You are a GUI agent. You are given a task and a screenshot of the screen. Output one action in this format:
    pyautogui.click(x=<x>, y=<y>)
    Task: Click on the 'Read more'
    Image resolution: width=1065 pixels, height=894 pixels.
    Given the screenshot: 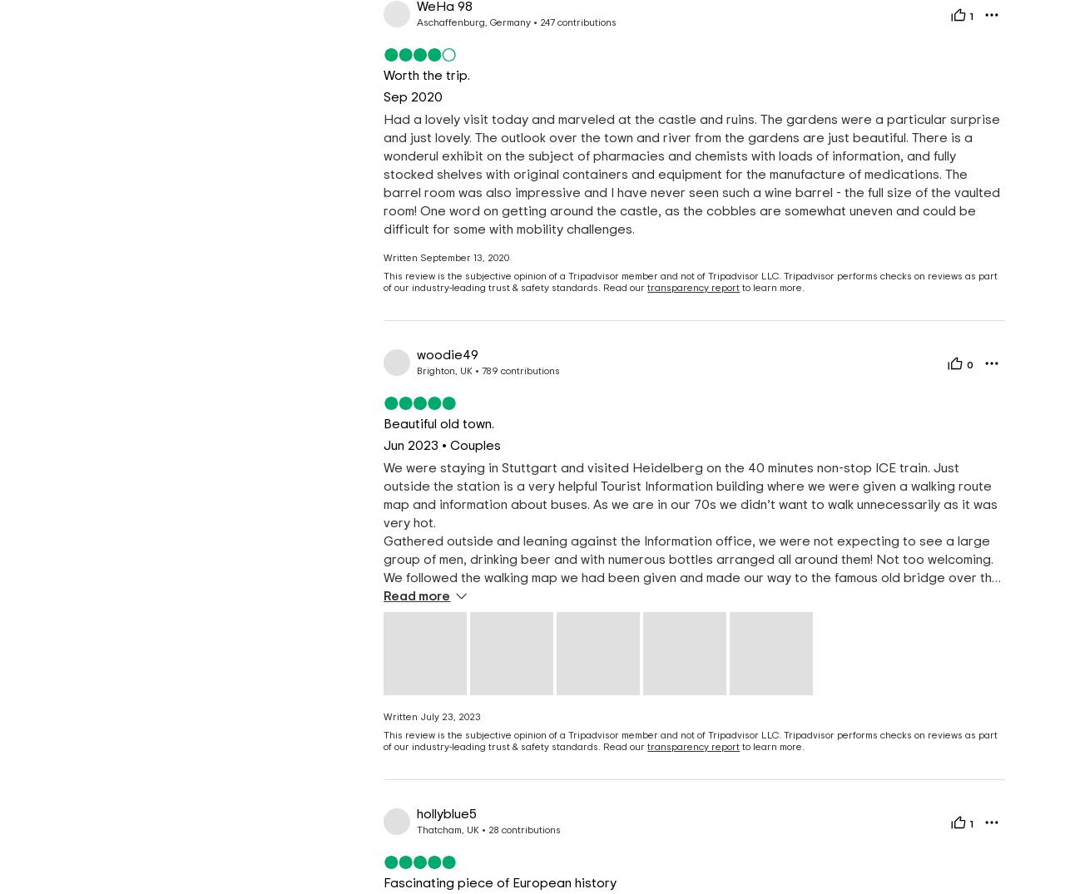 What is the action you would take?
    pyautogui.click(x=416, y=595)
    